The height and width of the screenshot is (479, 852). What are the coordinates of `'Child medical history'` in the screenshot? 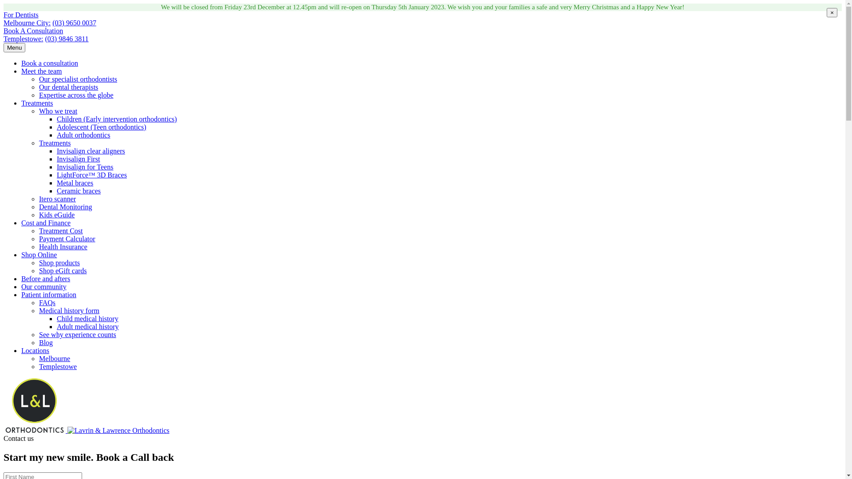 It's located at (87, 318).